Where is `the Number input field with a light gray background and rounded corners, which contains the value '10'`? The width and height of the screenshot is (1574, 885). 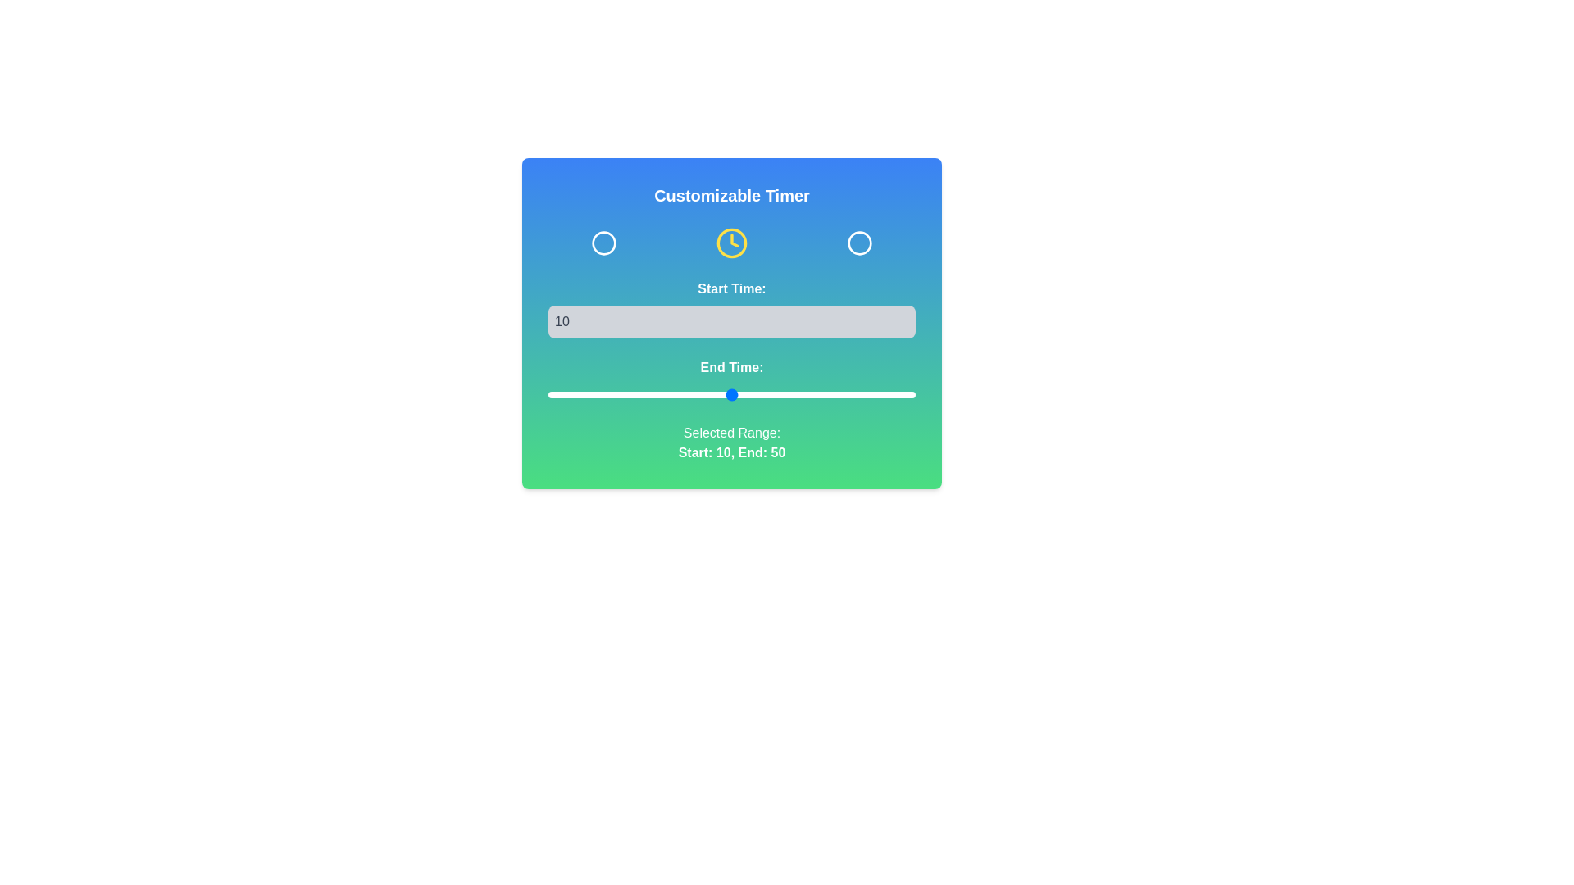 the Number input field with a light gray background and rounded corners, which contains the value '10' is located at coordinates (730, 322).